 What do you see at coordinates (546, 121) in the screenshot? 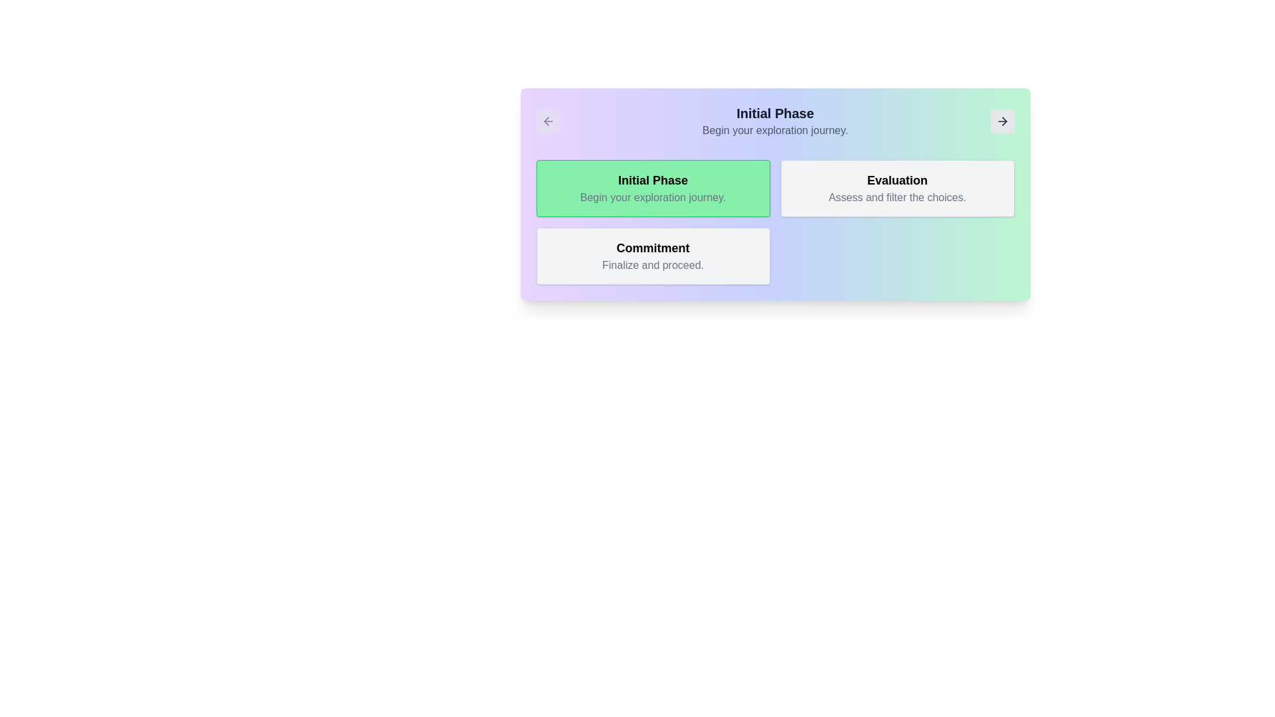
I see `the navigational 'back' icon located at the top-left corner of the visible card section` at bounding box center [546, 121].